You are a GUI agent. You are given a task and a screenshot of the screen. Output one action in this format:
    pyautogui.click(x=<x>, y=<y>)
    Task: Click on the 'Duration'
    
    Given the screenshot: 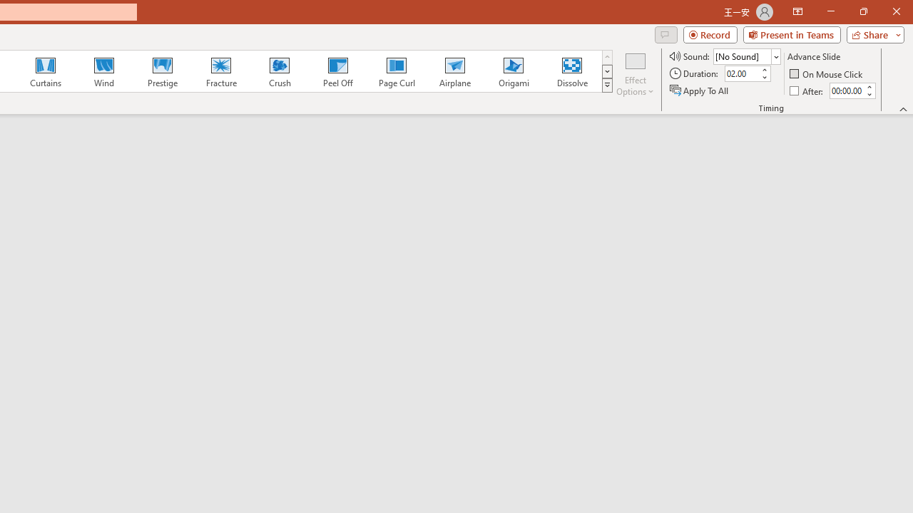 What is the action you would take?
    pyautogui.click(x=742, y=73)
    